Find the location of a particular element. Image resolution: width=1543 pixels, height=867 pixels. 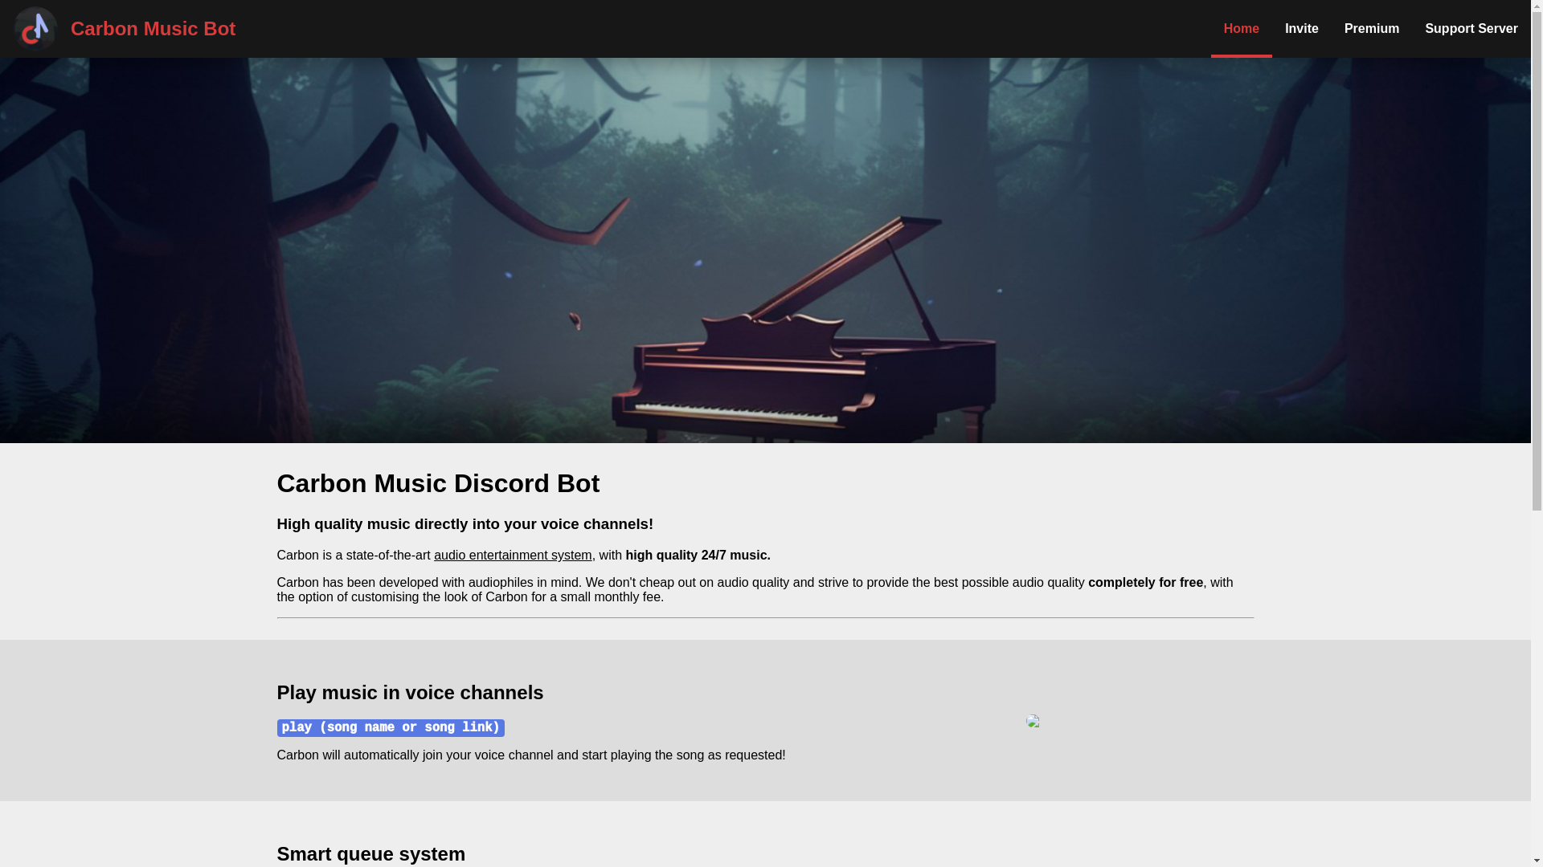

'Support Server' is located at coordinates (1410, 28).